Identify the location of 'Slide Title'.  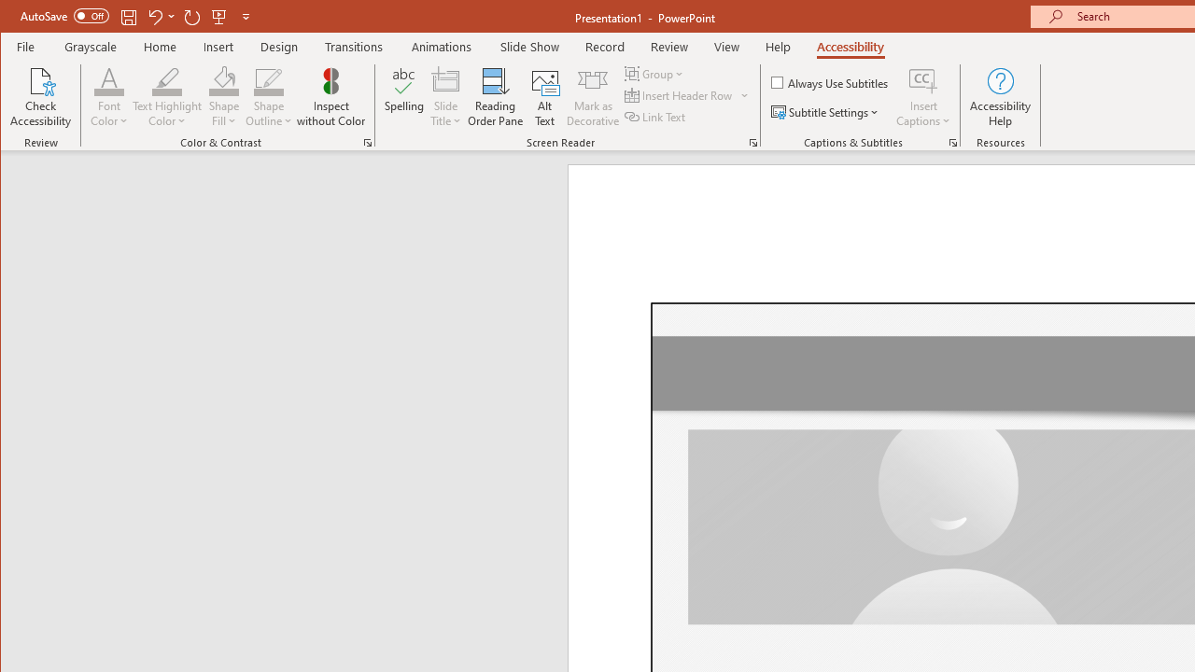
(445, 79).